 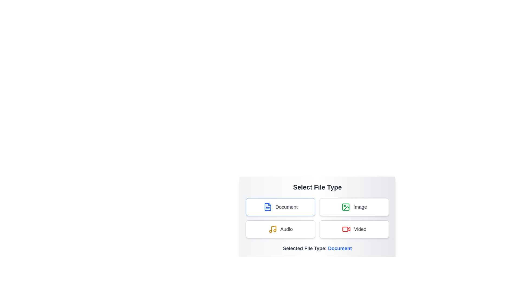 I want to click on the static text label displaying 'Selected File Type: Document', which is located at the bottom of the file type selection options, so click(x=317, y=248).